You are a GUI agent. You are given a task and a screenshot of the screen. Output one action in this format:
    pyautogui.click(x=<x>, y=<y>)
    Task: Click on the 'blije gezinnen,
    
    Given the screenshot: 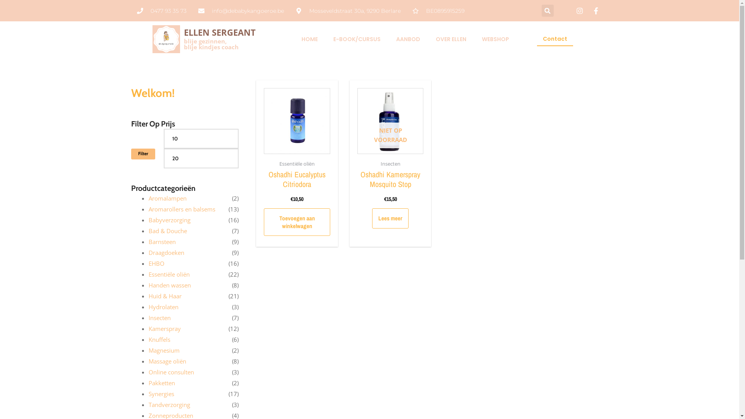 What is the action you would take?
    pyautogui.click(x=211, y=44)
    